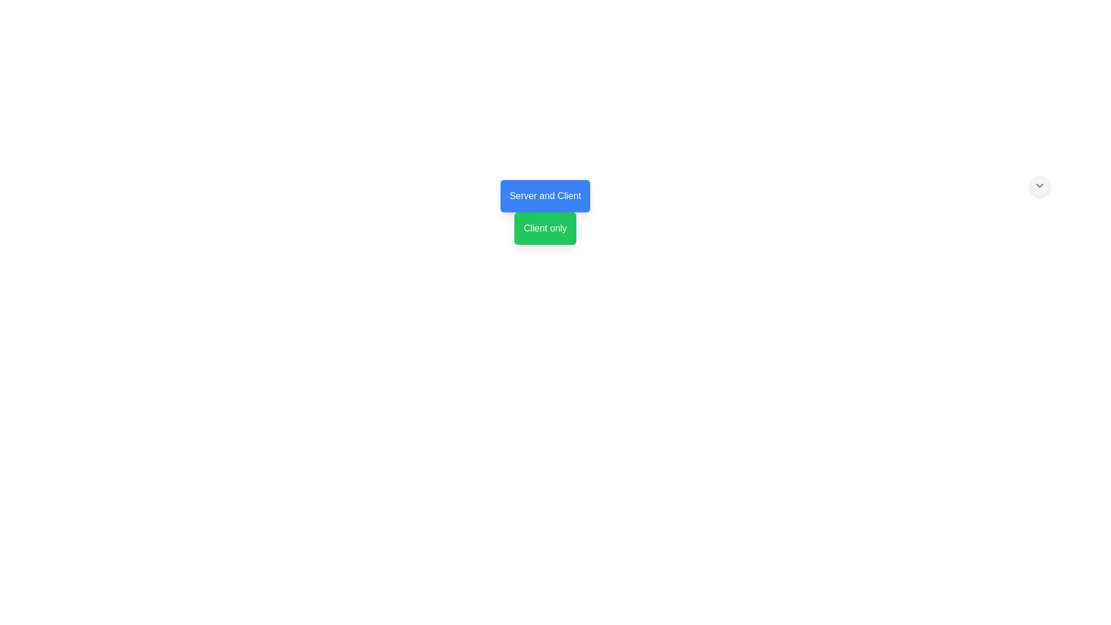 The image size is (1111, 625). Describe the element at coordinates (545, 196) in the screenshot. I see `the informational label titled 'Server and Client', which is a non-interactive element located above the 'Client only' button` at that location.